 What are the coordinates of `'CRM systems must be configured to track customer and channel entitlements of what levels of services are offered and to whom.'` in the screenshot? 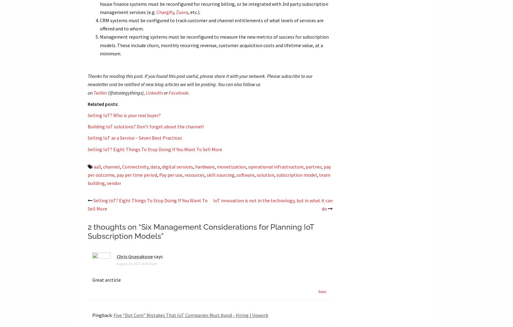 It's located at (211, 24).